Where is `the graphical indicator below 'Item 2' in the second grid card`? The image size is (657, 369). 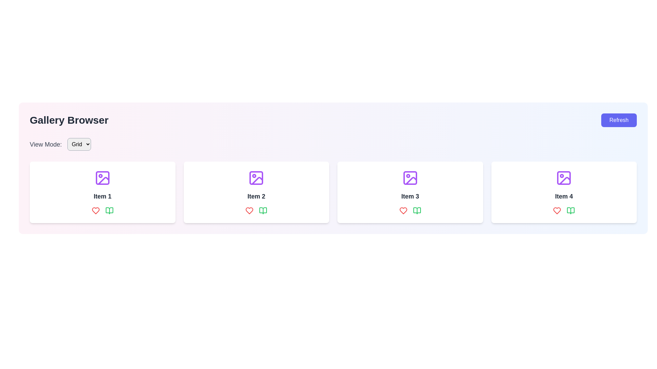 the graphical indicator below 'Item 2' in the second grid card is located at coordinates (263, 210).